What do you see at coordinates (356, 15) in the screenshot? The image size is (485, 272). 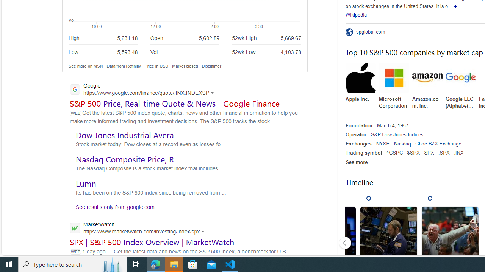 I see `'Wikipedia'` at bounding box center [356, 15].